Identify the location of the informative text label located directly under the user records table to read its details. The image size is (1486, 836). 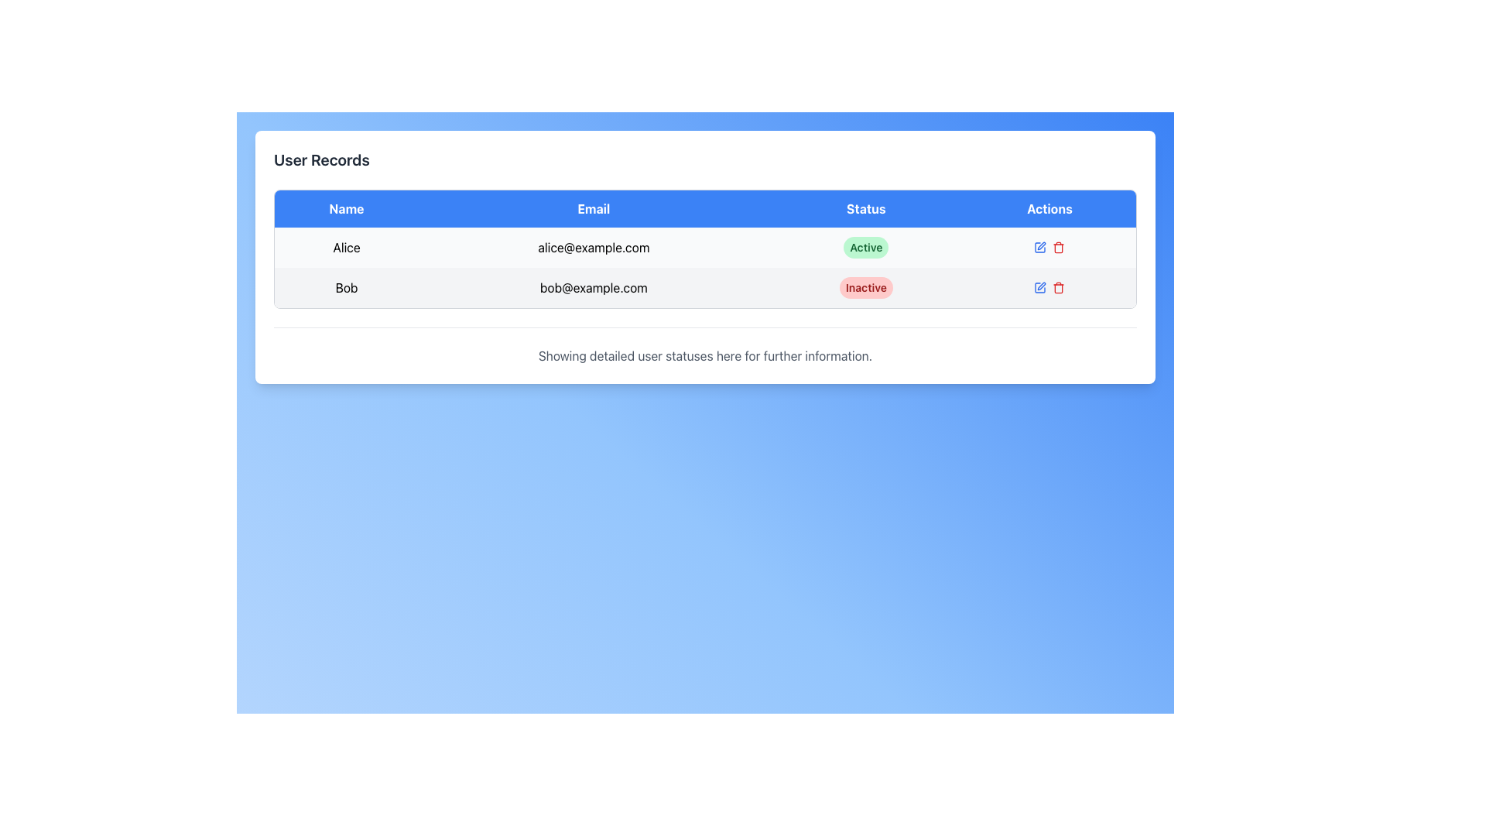
(704, 355).